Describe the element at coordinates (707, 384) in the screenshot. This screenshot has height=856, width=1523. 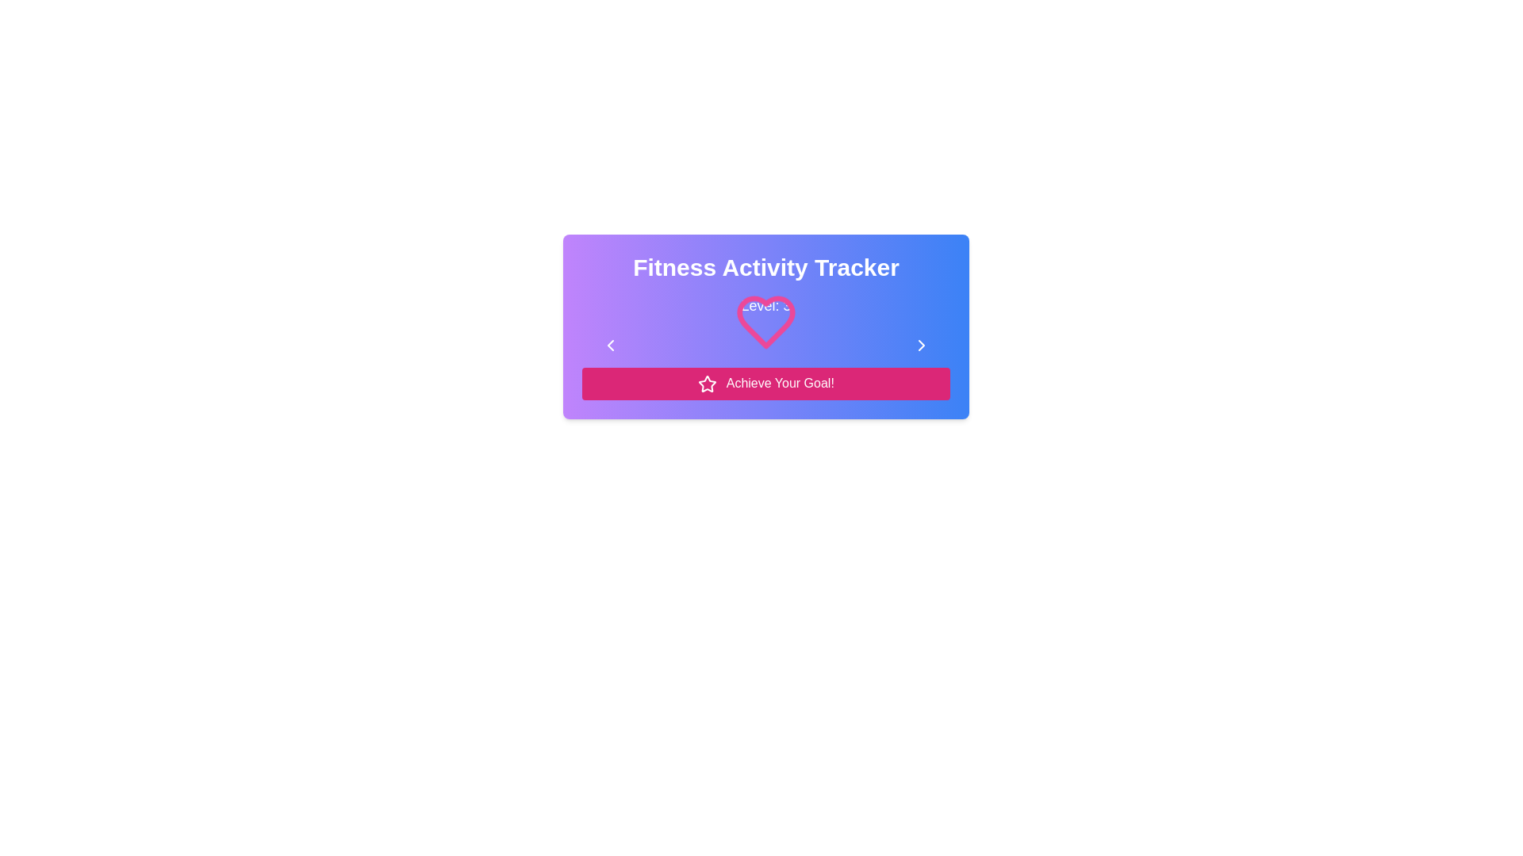
I see `the star-shaped icon with a pink border located to the left of the text button labeled 'Achieve Your Goal!'` at that location.